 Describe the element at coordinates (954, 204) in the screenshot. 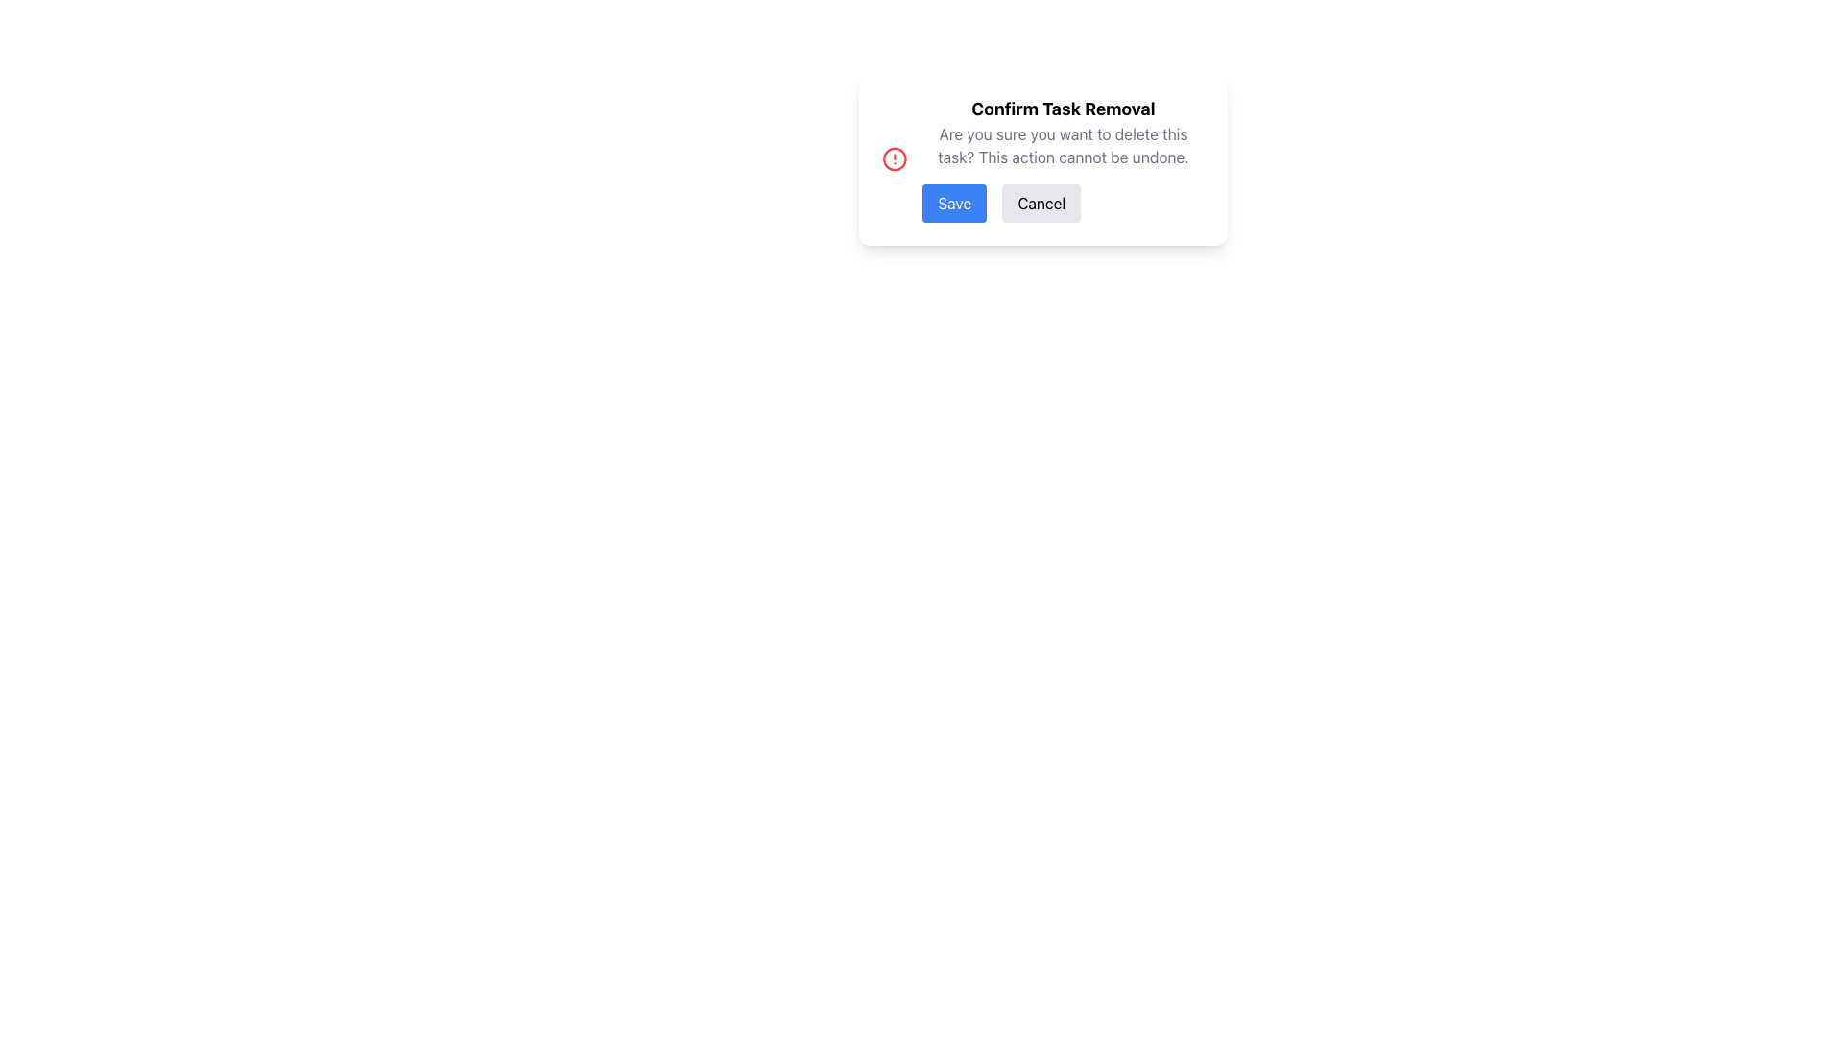

I see `the 'Save' button` at that location.